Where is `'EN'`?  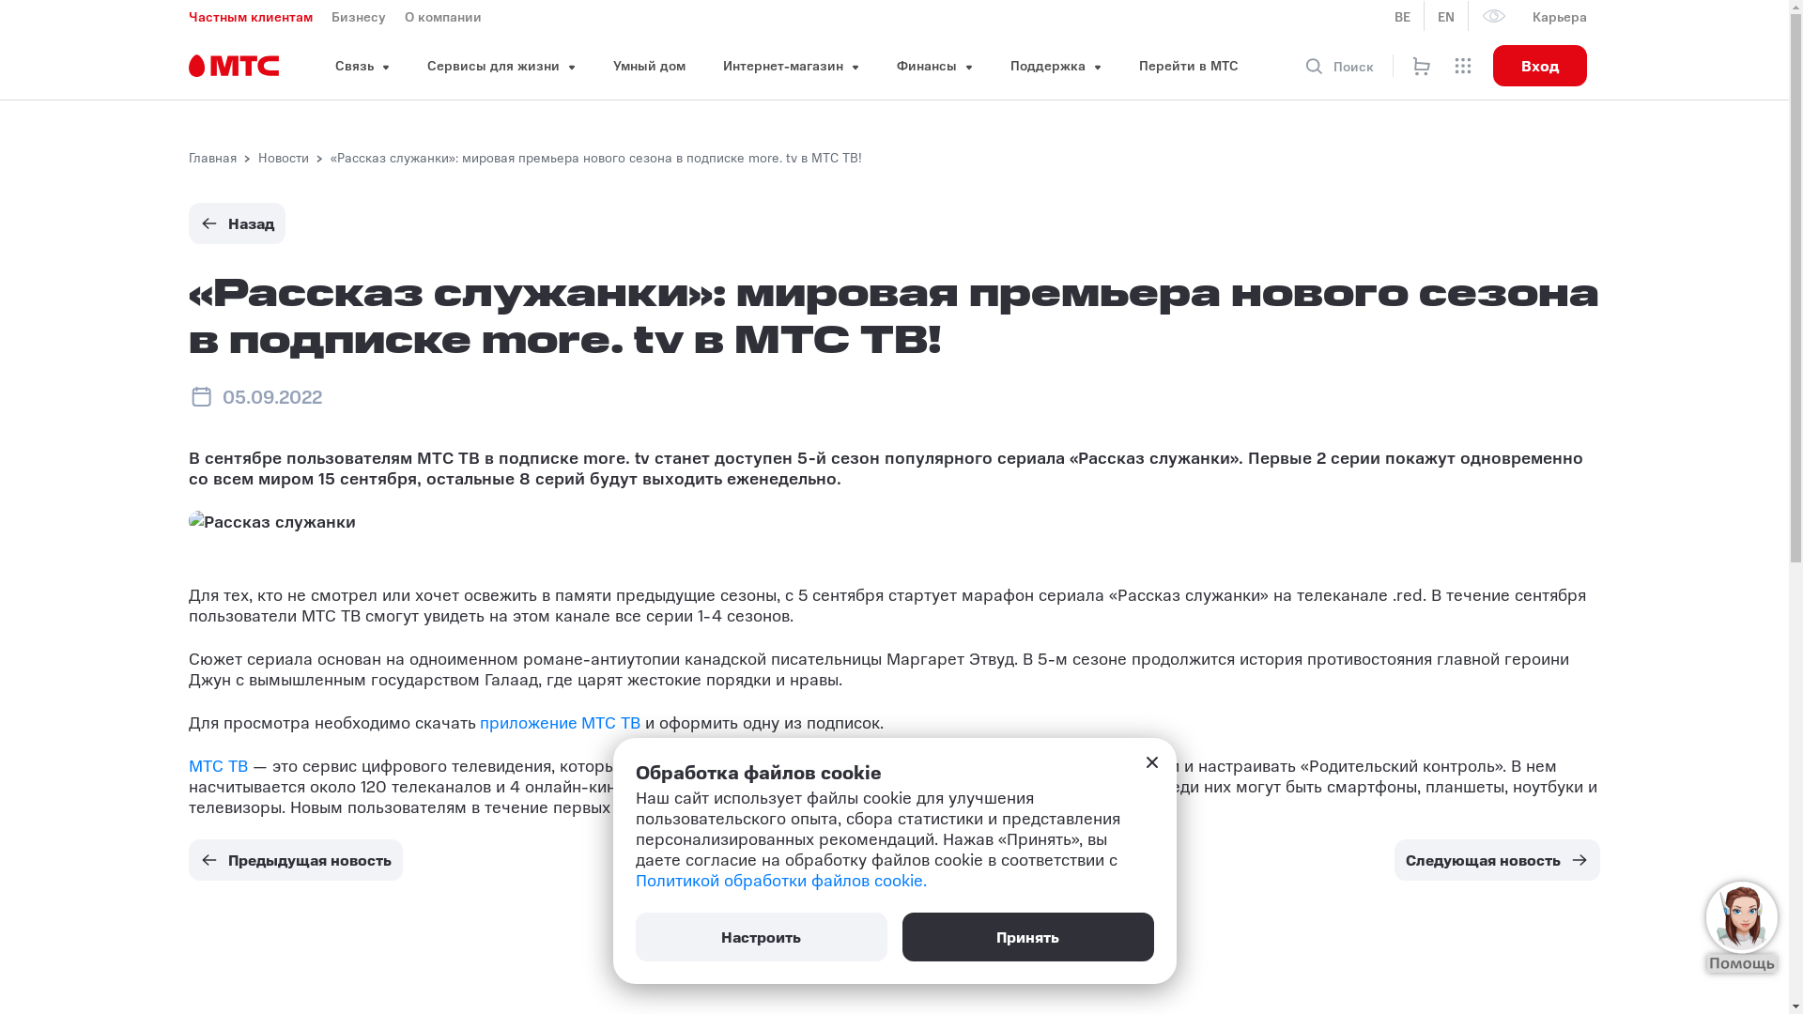 'EN' is located at coordinates (1445, 15).